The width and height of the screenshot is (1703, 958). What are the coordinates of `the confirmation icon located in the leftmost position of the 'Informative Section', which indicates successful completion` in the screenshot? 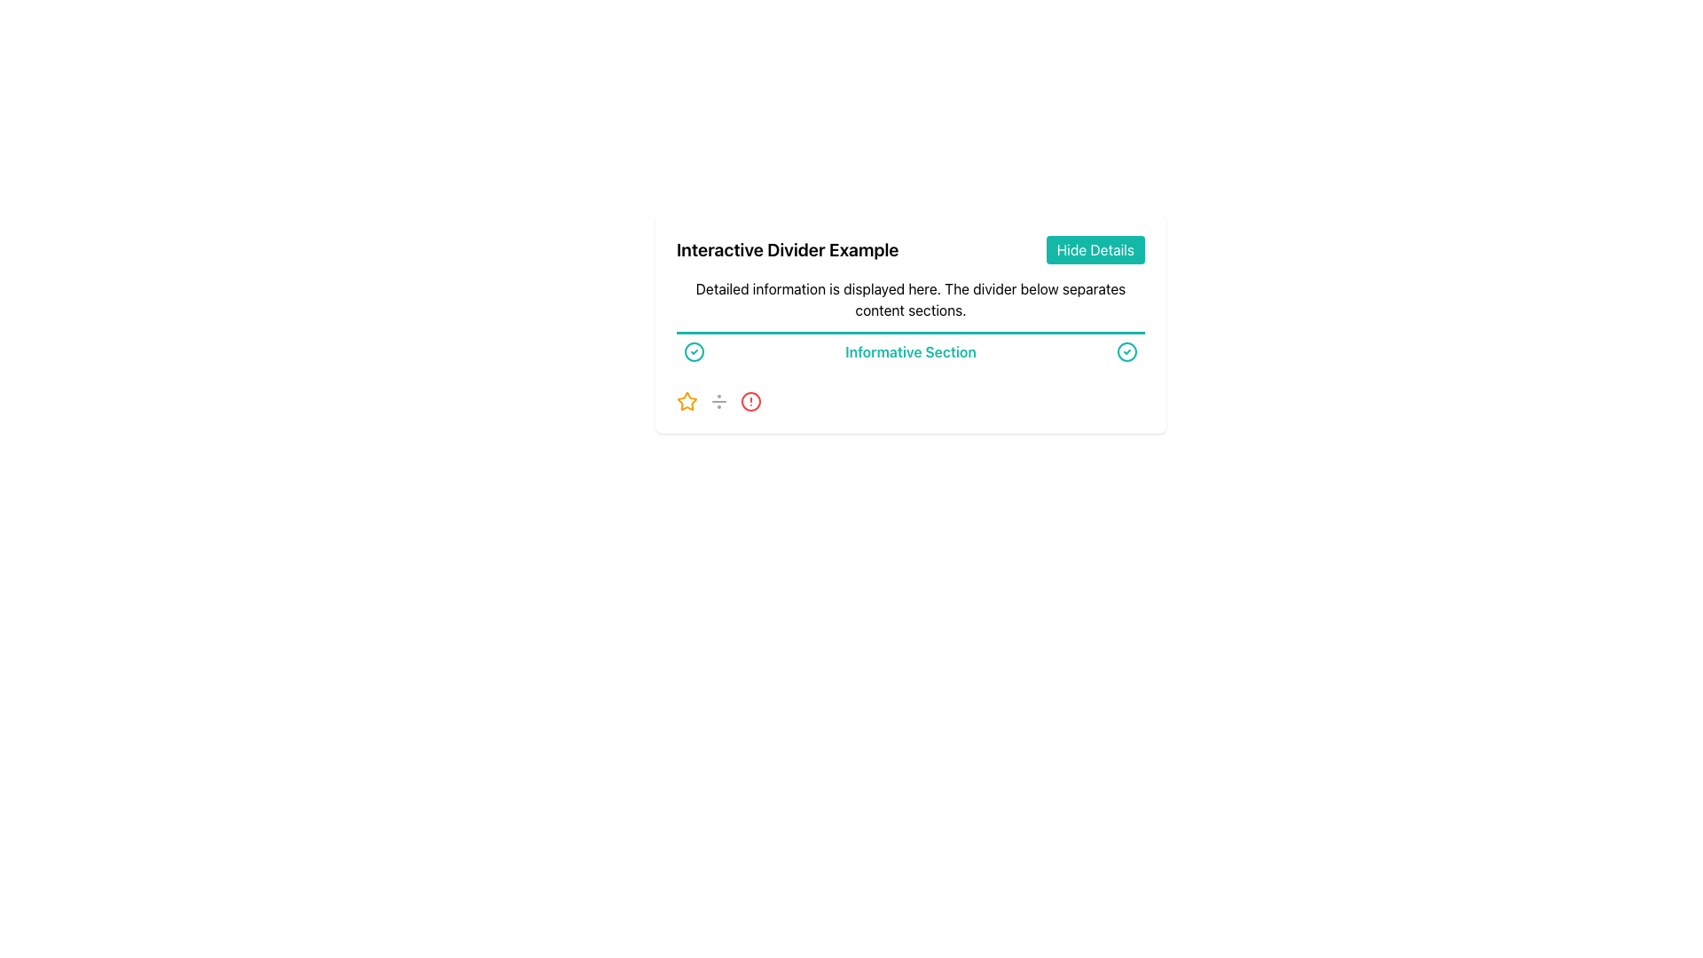 It's located at (693, 352).